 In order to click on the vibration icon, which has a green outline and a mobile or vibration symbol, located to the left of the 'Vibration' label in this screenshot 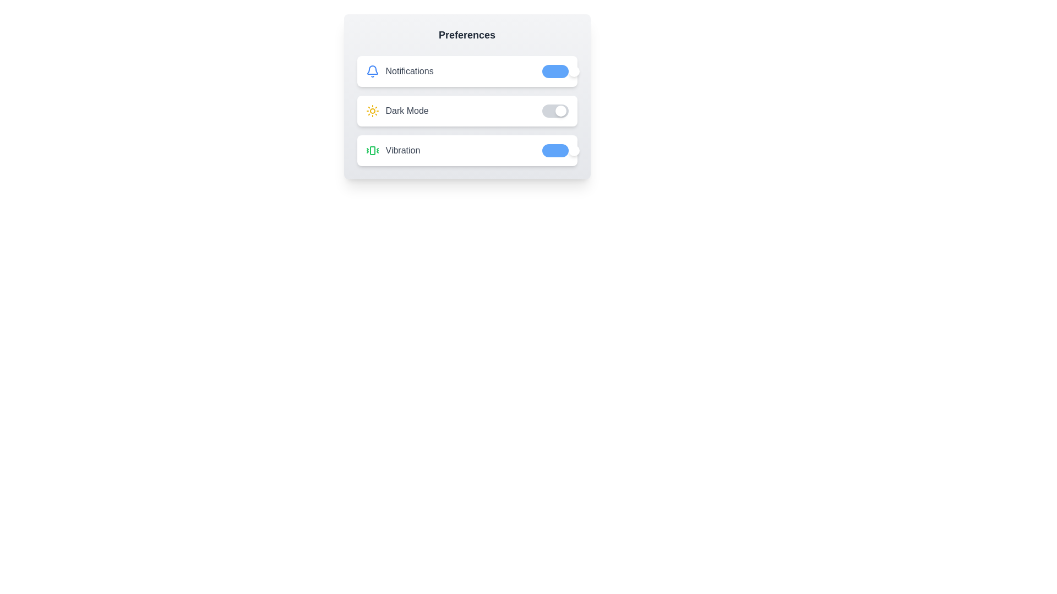, I will do `click(372, 150)`.